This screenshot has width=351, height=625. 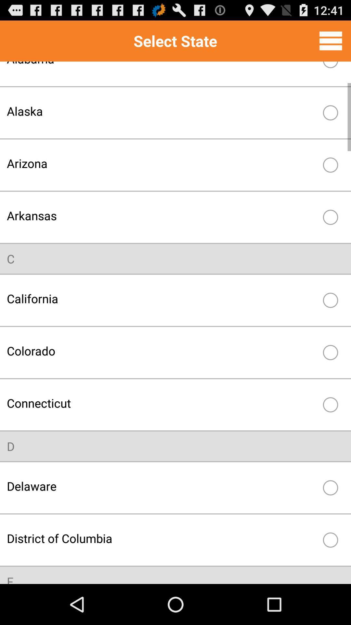 I want to click on delaware icon, so click(x=161, y=486).